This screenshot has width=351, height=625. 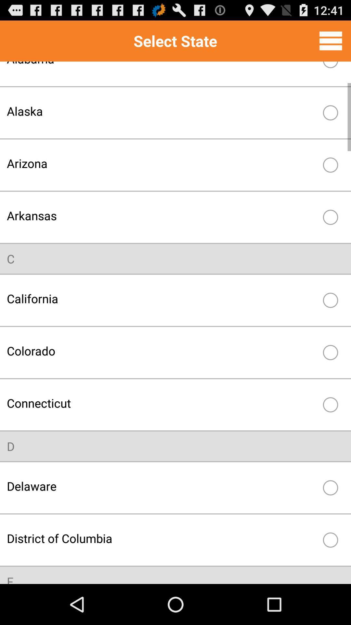 I want to click on delaware icon, so click(x=161, y=486).